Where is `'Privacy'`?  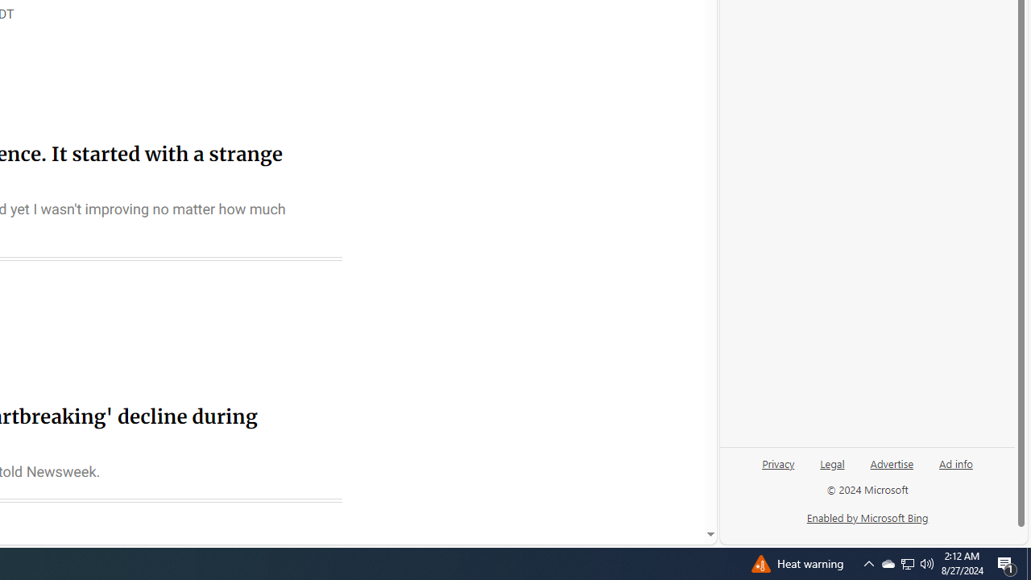
'Privacy' is located at coordinates (778, 462).